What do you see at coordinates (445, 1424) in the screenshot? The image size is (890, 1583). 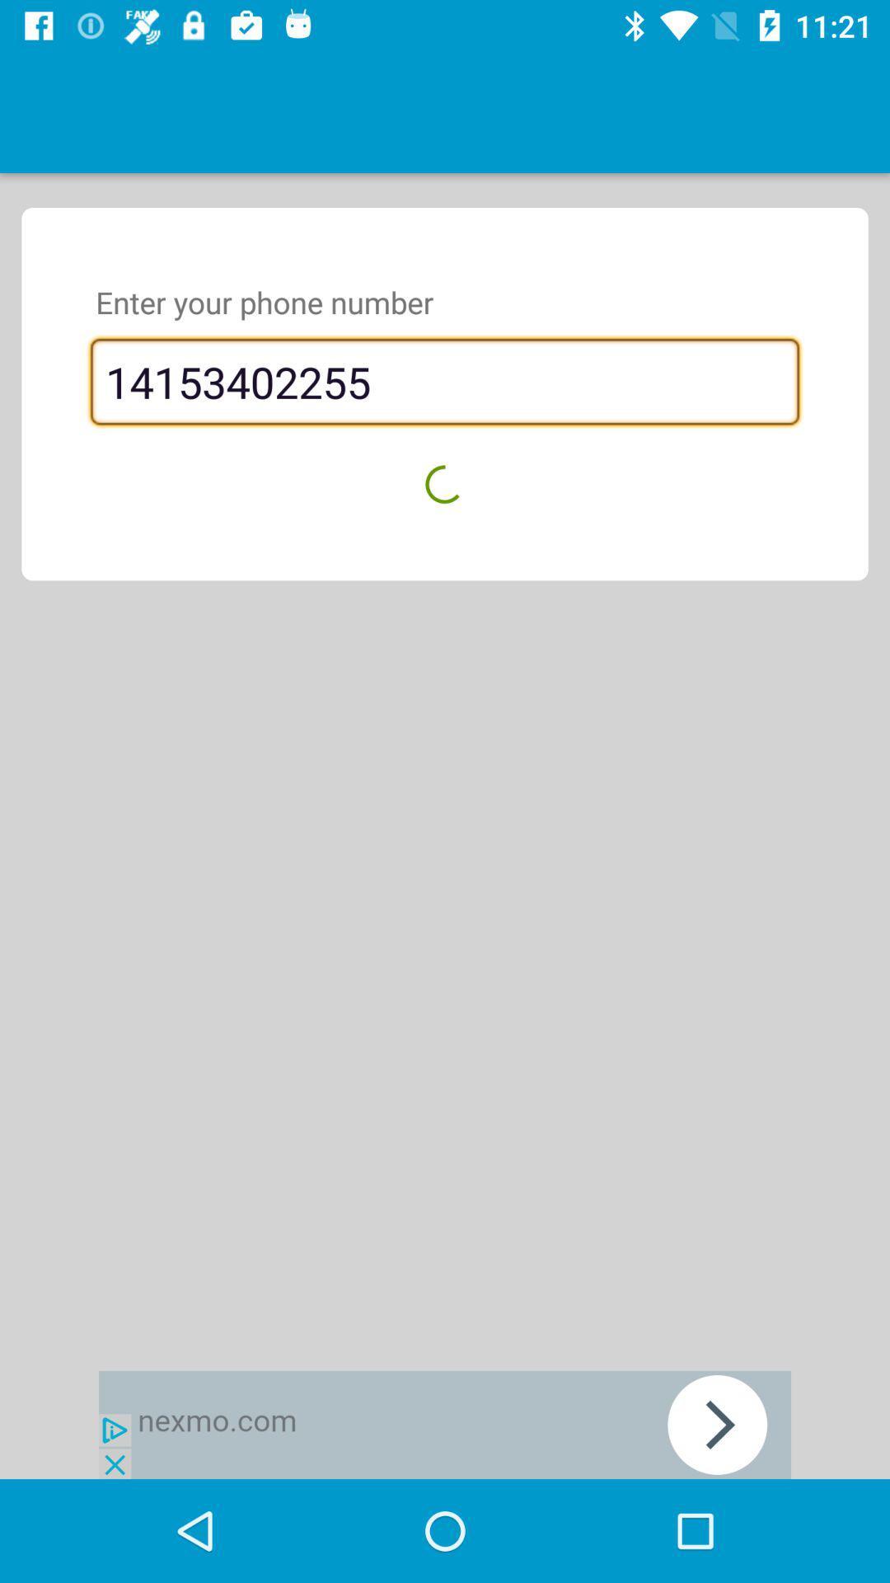 I see `advertisement` at bounding box center [445, 1424].